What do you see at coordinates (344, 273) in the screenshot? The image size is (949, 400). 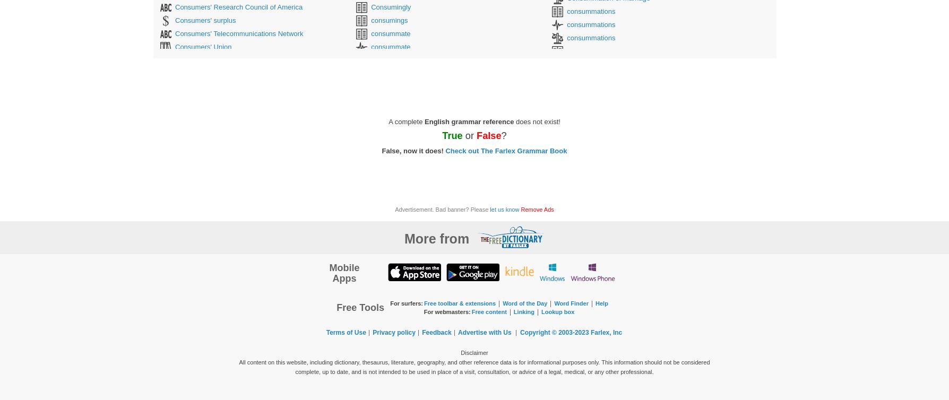 I see `'Mobile Apps'` at bounding box center [344, 273].